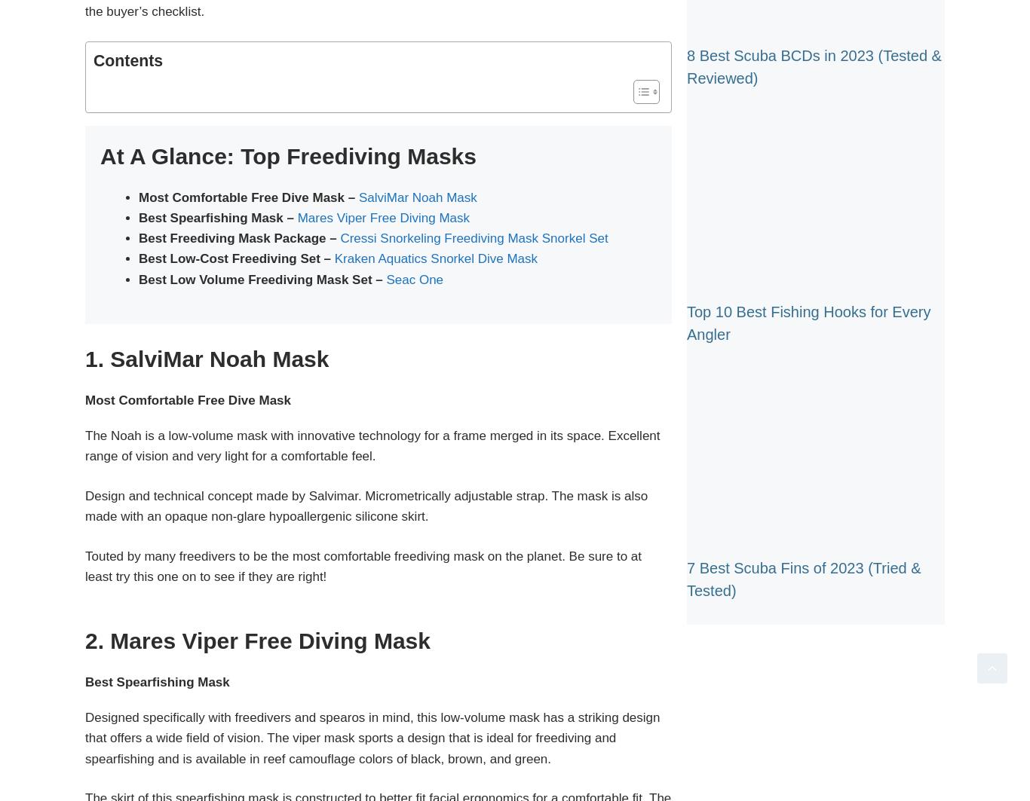 This screenshot has height=801, width=1030. I want to click on 'The Noah is a low-volume mask with innovative technology for a frame merged in its space. Excellent range of vision and very light for a comfortable feel.', so click(372, 445).